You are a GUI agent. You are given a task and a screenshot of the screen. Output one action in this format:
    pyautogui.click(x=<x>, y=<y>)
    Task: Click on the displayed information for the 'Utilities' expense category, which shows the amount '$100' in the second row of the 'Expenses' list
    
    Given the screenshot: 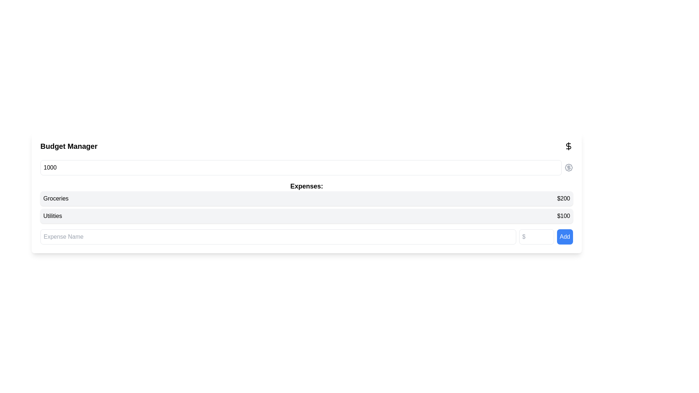 What is the action you would take?
    pyautogui.click(x=307, y=216)
    